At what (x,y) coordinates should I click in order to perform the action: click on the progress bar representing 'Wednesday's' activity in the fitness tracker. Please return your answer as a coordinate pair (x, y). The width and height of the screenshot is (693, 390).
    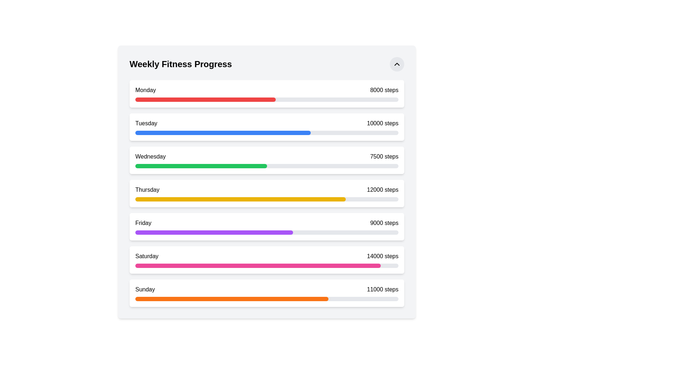
    Looking at the image, I should click on (266, 166).